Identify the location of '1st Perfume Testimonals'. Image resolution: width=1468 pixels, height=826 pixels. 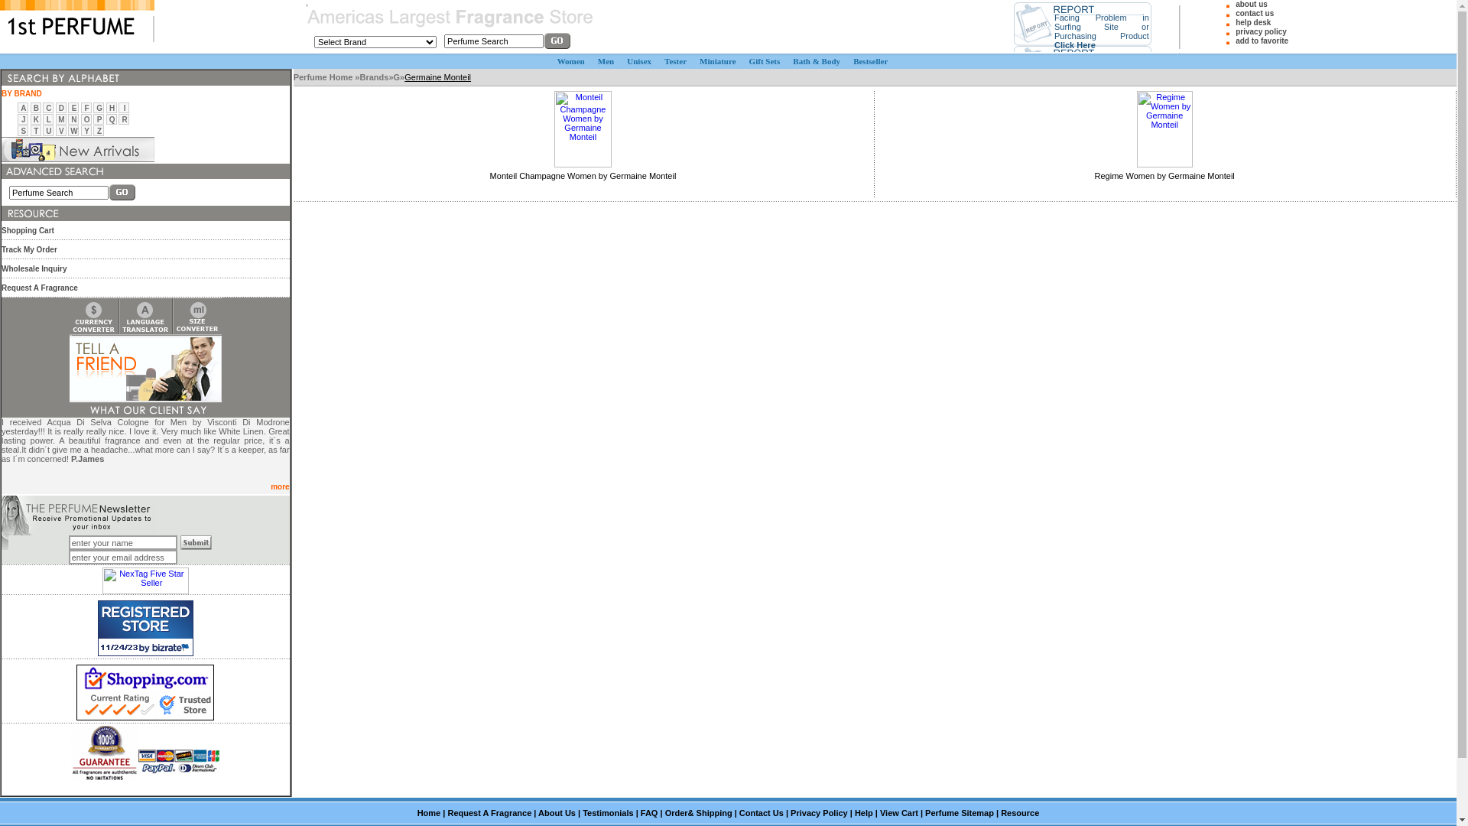
(145, 409).